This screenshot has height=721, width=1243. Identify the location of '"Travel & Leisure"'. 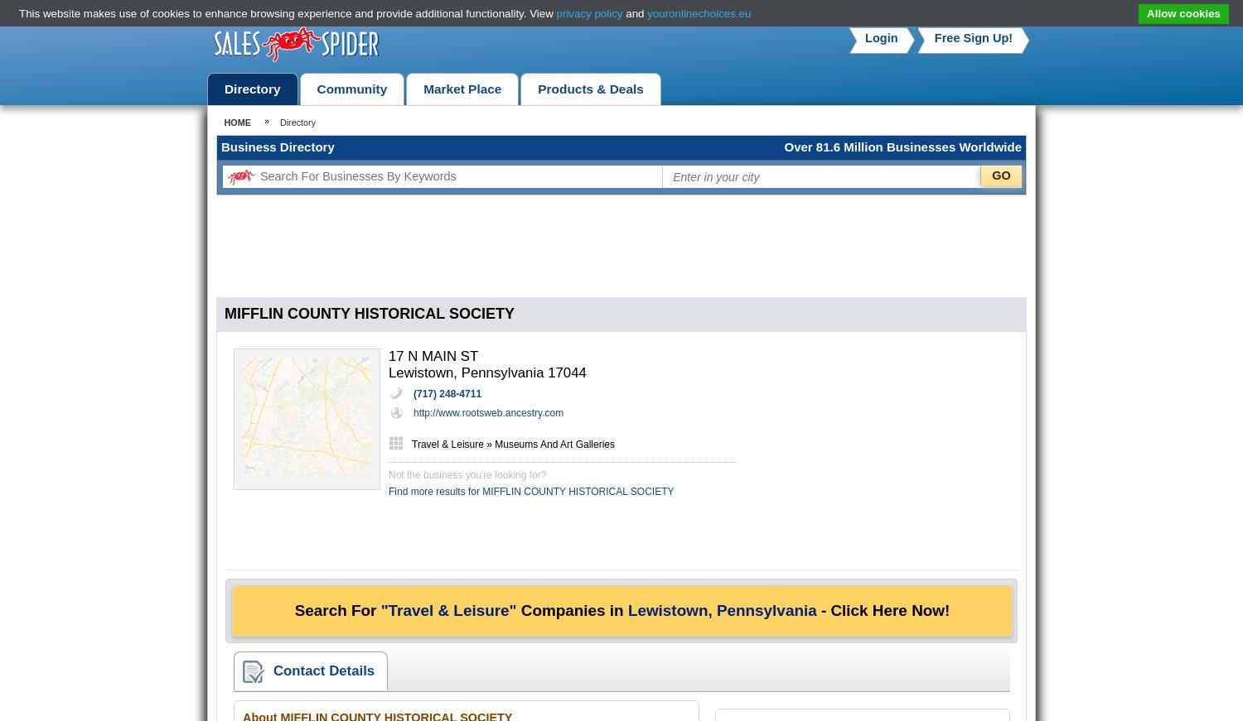
(448, 610).